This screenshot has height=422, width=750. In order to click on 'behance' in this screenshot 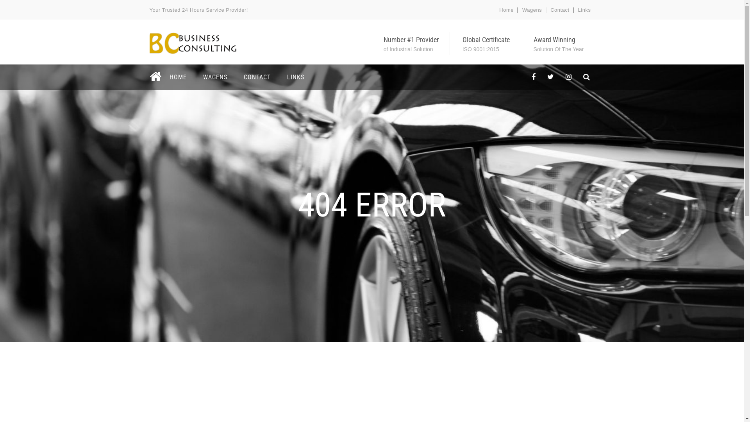, I will do `click(586, 77)`.